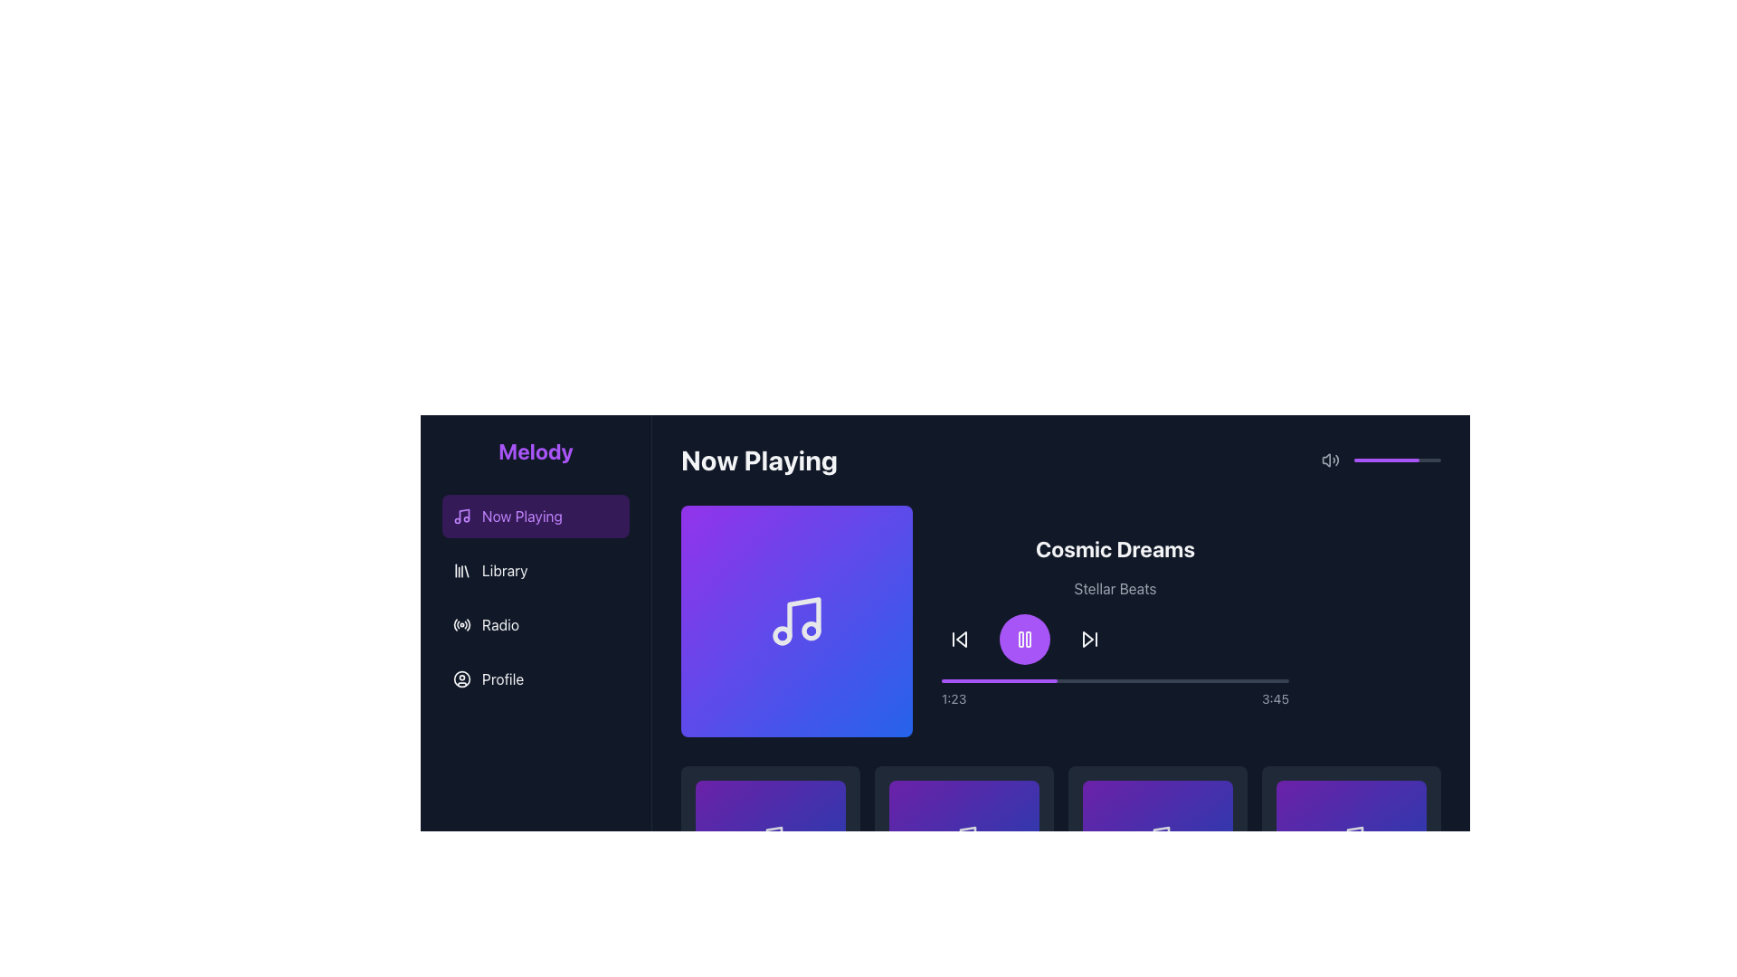 The image size is (1737, 977). Describe the element at coordinates (535, 623) in the screenshot. I see `the 'Radio' text button with icon in the vertically stacked navigation menu` at that location.